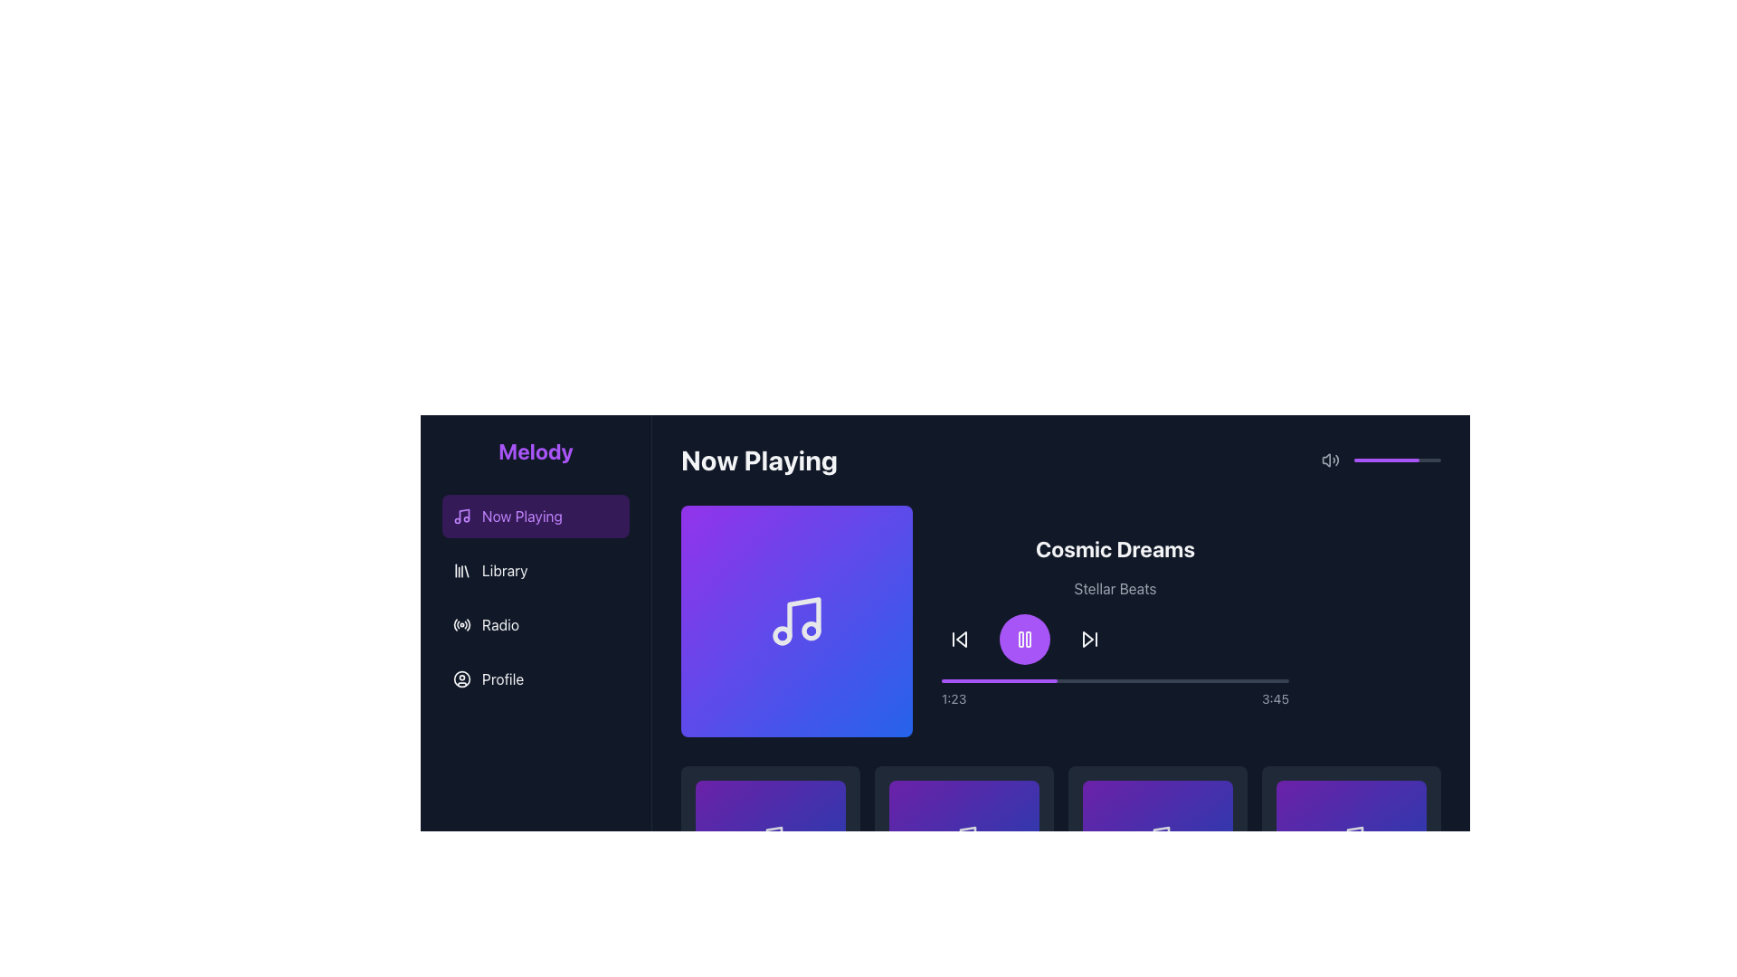 The image size is (1737, 977). Describe the element at coordinates (535, 623) in the screenshot. I see `the 'Radio' text button with icon in the vertically stacked navigation menu` at that location.